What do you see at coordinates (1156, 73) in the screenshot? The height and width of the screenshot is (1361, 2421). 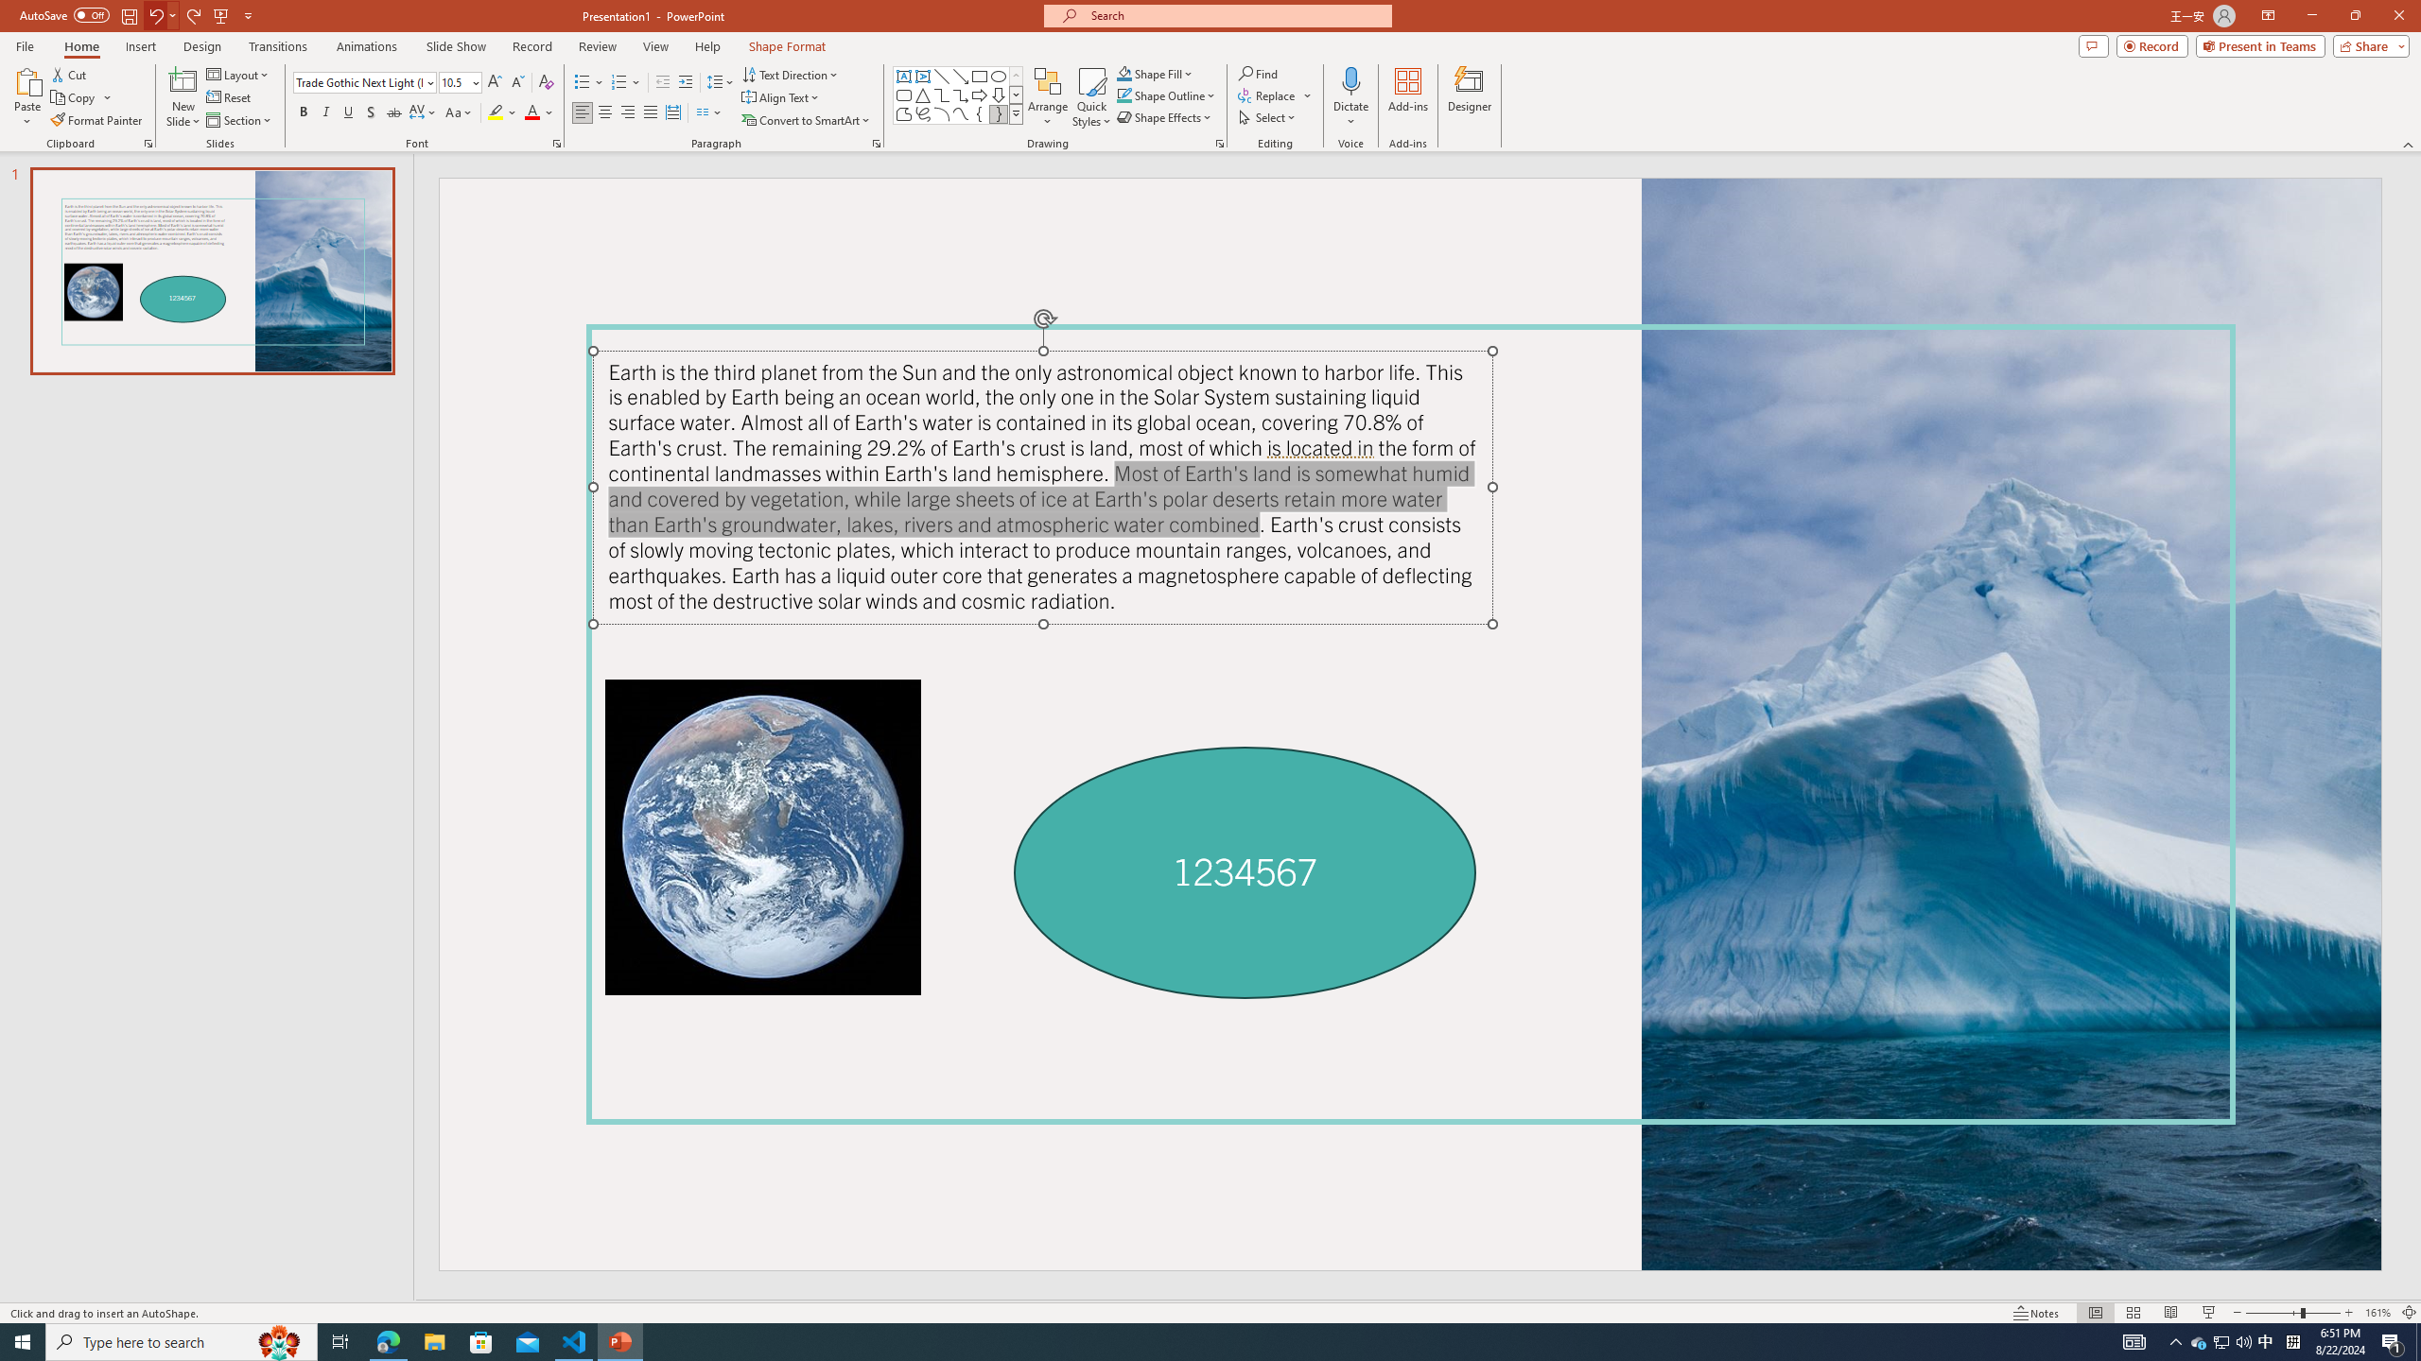 I see `'Shape Fill'` at bounding box center [1156, 73].